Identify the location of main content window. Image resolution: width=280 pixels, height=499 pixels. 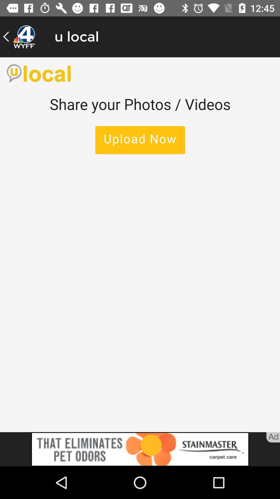
(140, 244).